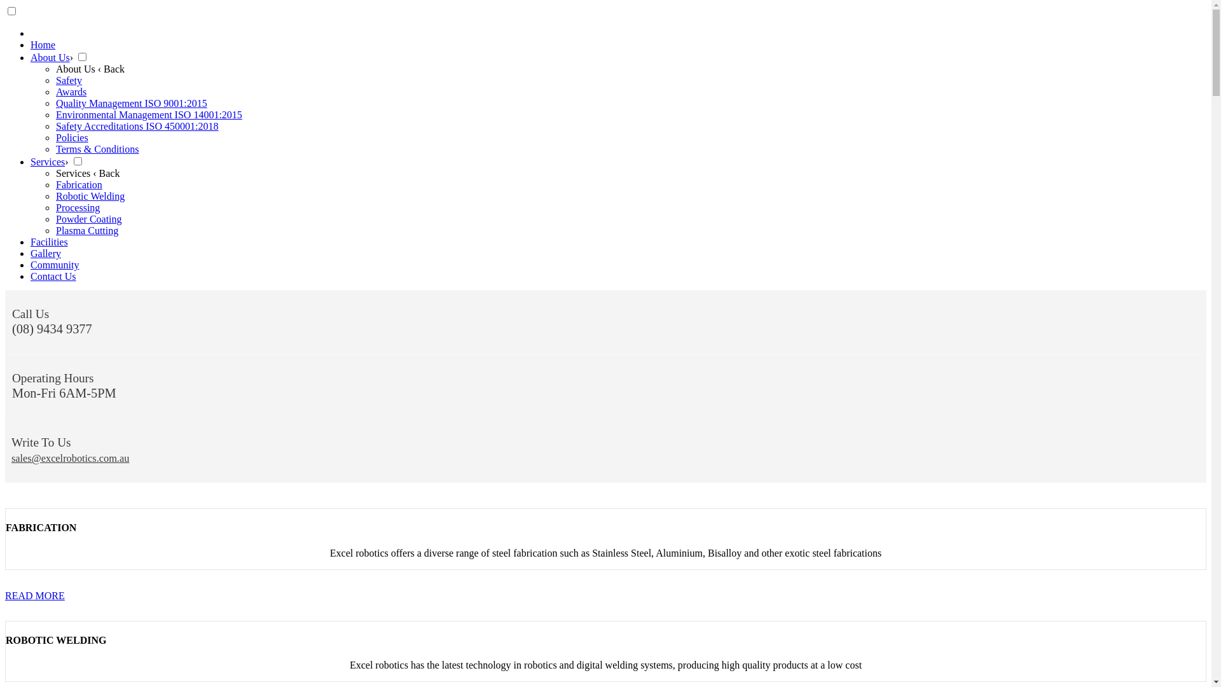 The image size is (1221, 687). What do you see at coordinates (71, 137) in the screenshot?
I see `'Policies'` at bounding box center [71, 137].